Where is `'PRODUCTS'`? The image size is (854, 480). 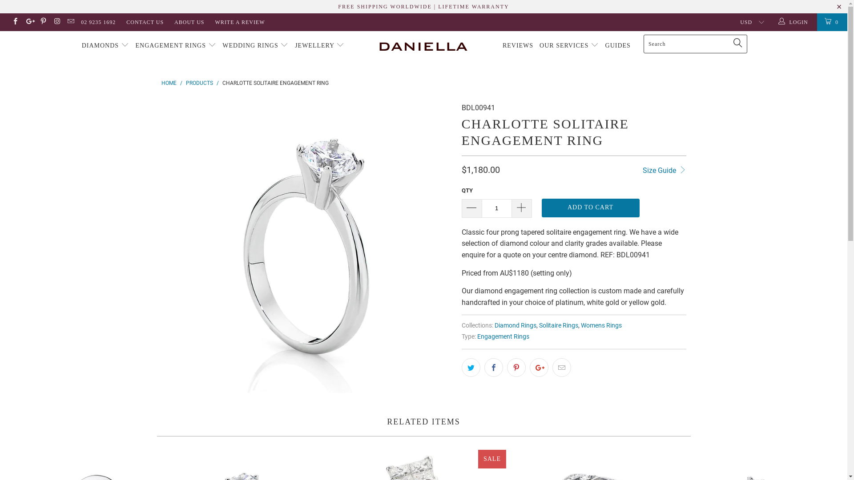
'PRODUCTS' is located at coordinates (199, 83).